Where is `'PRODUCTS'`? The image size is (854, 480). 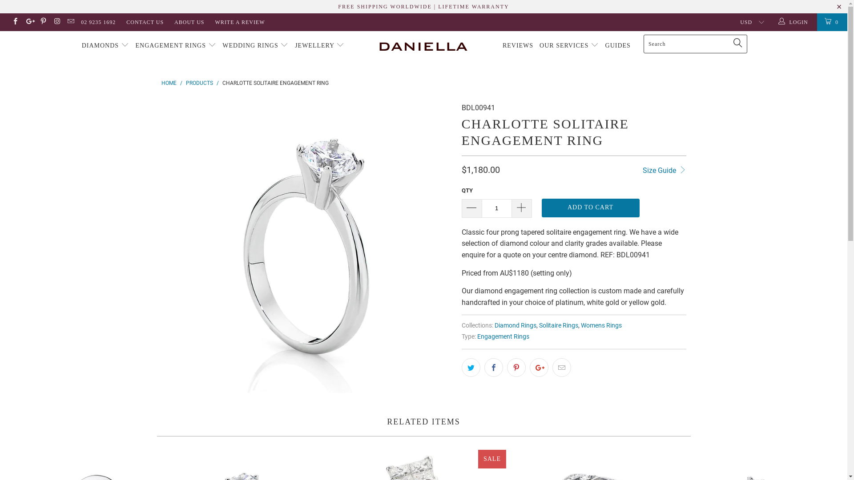
'PRODUCTS' is located at coordinates (199, 83).